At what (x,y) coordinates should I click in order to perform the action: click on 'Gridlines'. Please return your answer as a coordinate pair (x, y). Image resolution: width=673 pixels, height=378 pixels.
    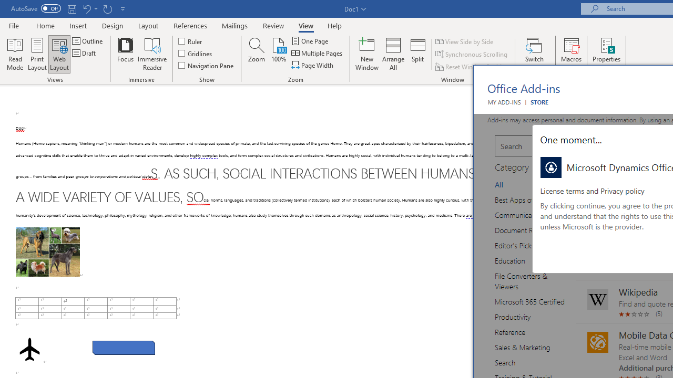
    Looking at the image, I should click on (196, 53).